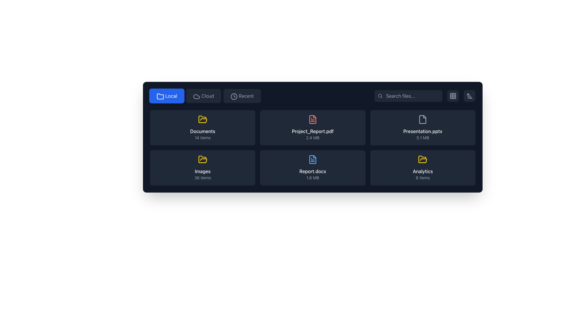 The image size is (566, 318). I want to click on the label displaying the file size of 'Report.docx', located beneath the document title in a card layout, so click(312, 178).